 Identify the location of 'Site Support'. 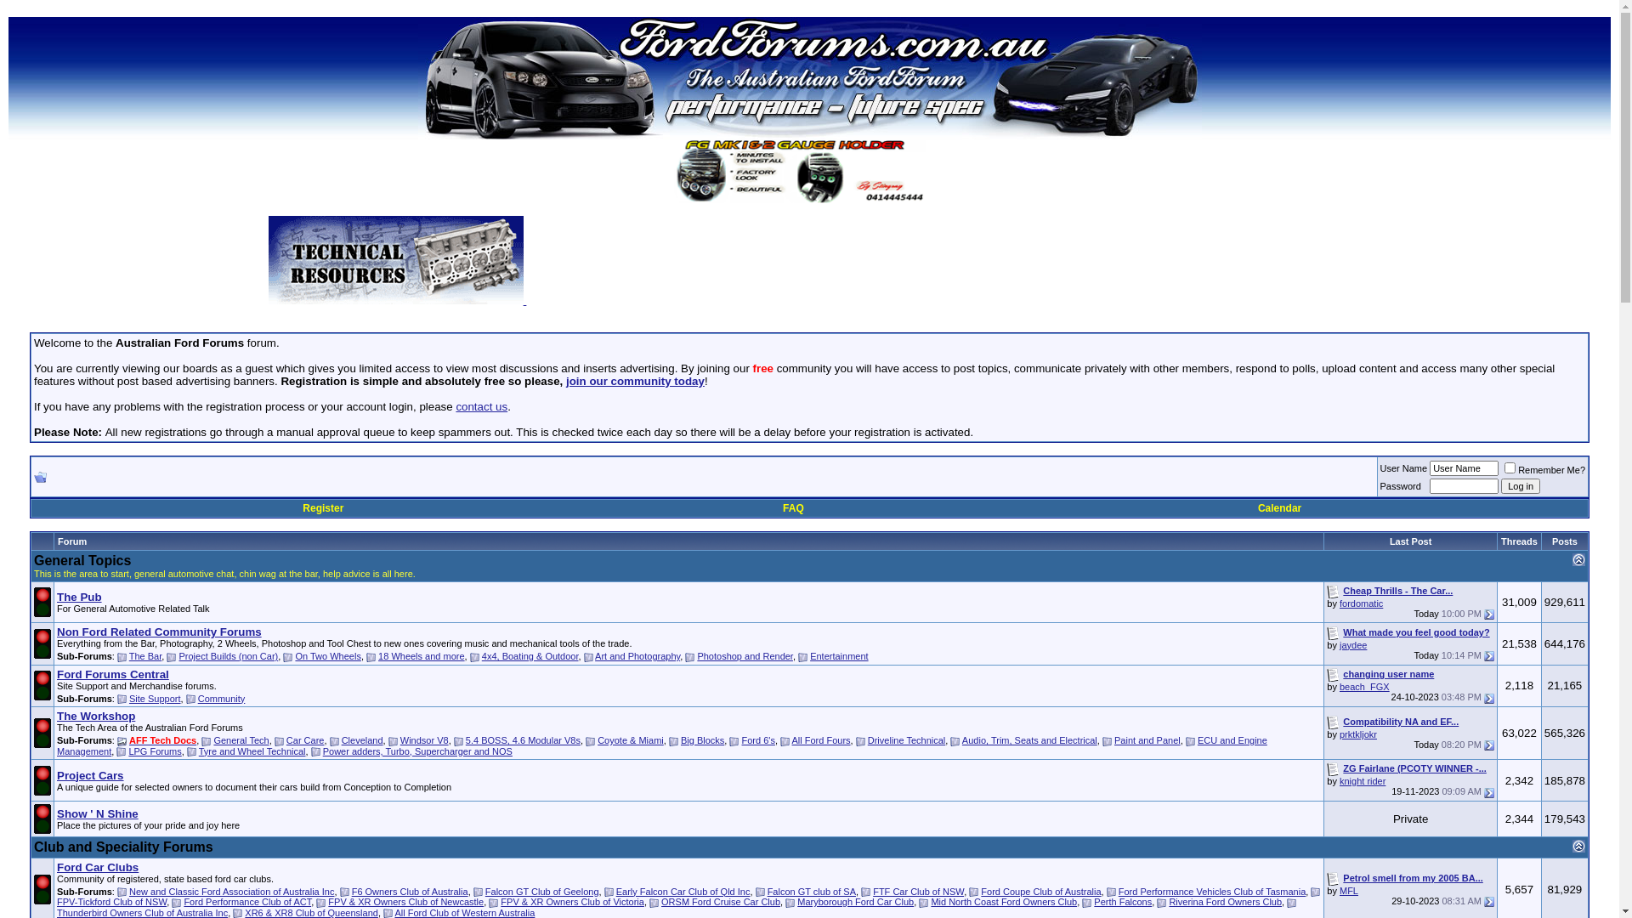
(155, 698).